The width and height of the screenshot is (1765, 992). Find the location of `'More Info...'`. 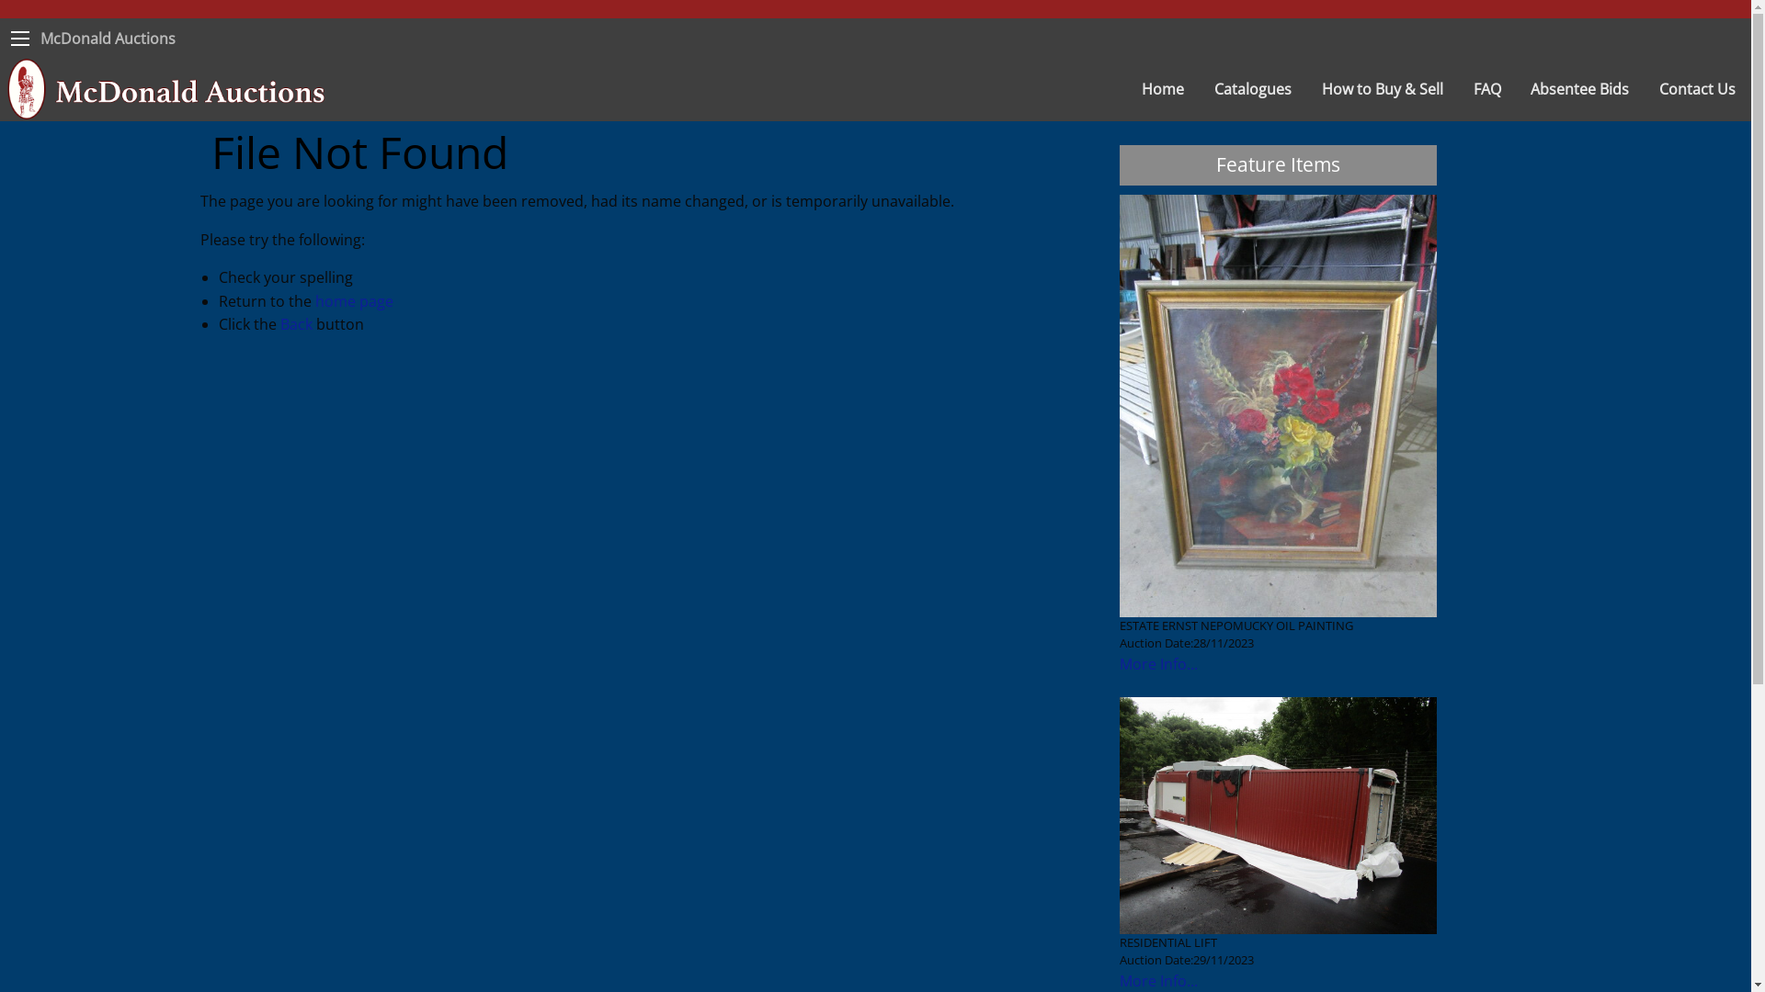

'More Info...' is located at coordinates (1157, 980).